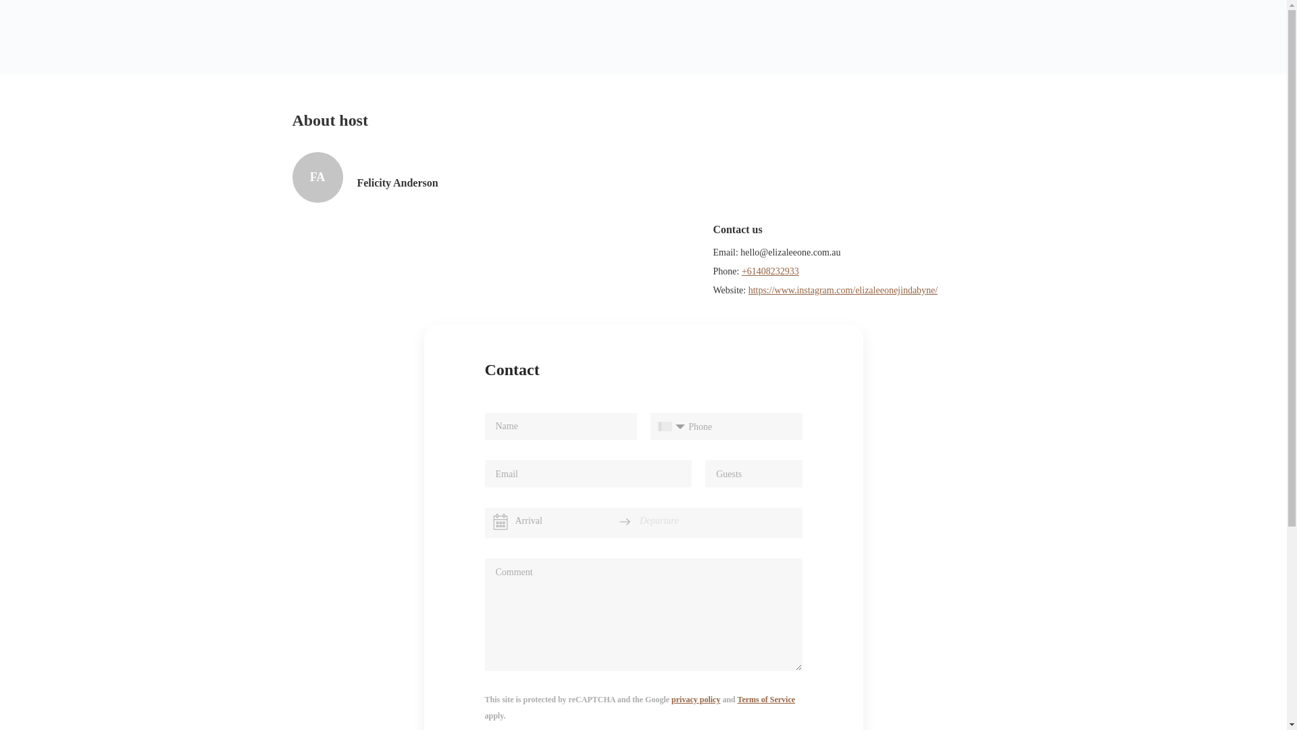 This screenshot has height=730, width=1297. What do you see at coordinates (748, 289) in the screenshot?
I see `'https://www.instagram.com/elizaleeonejindabyne/'` at bounding box center [748, 289].